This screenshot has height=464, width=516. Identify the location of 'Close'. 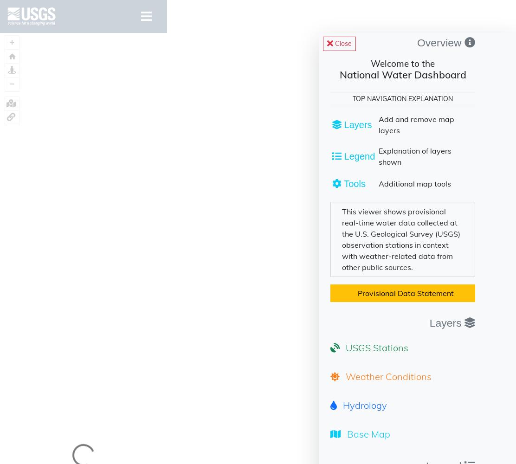
(342, 43).